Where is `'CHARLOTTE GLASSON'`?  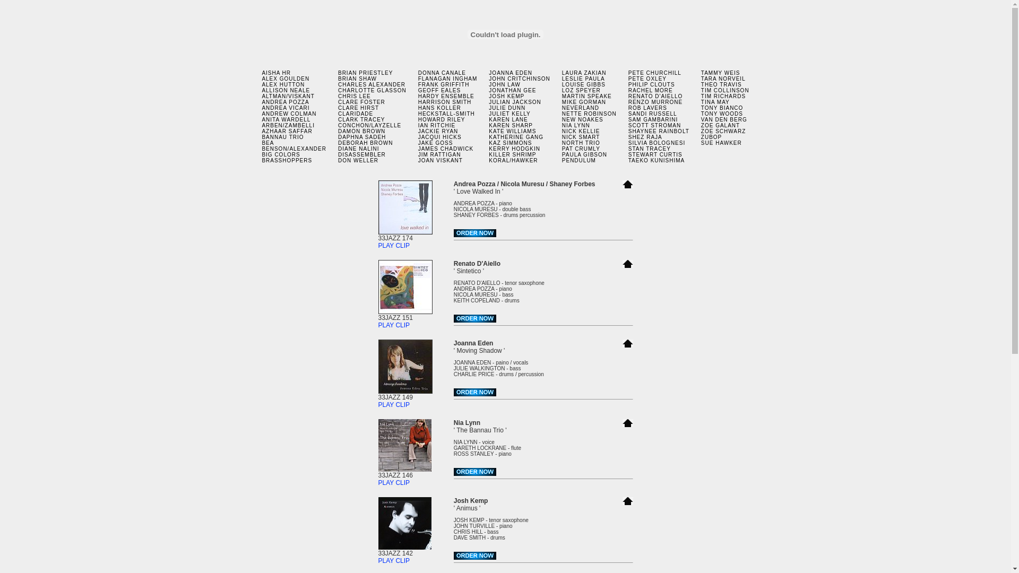 'CHARLOTTE GLASSON' is located at coordinates (338, 90).